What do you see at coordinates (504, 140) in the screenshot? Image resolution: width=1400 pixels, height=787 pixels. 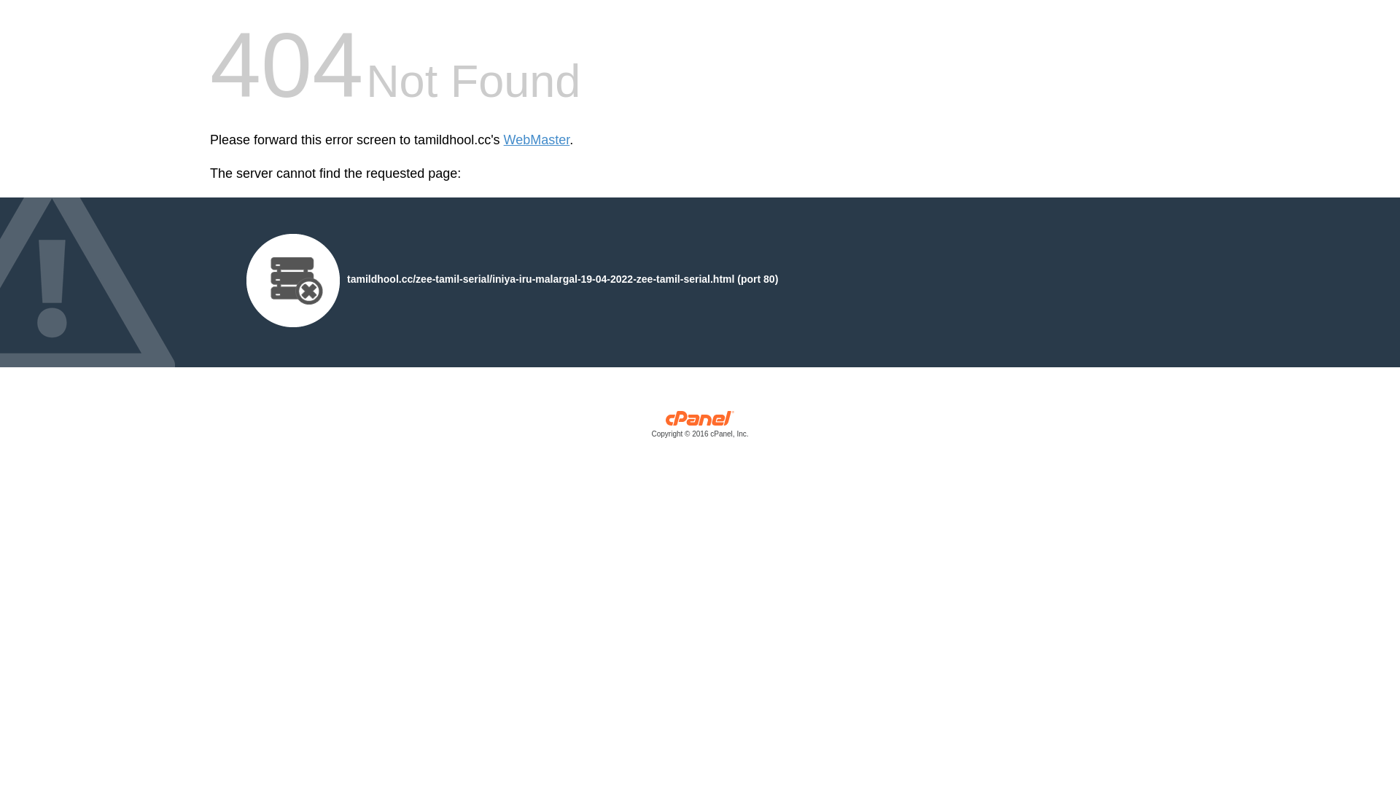 I see `'WebMaster'` at bounding box center [504, 140].